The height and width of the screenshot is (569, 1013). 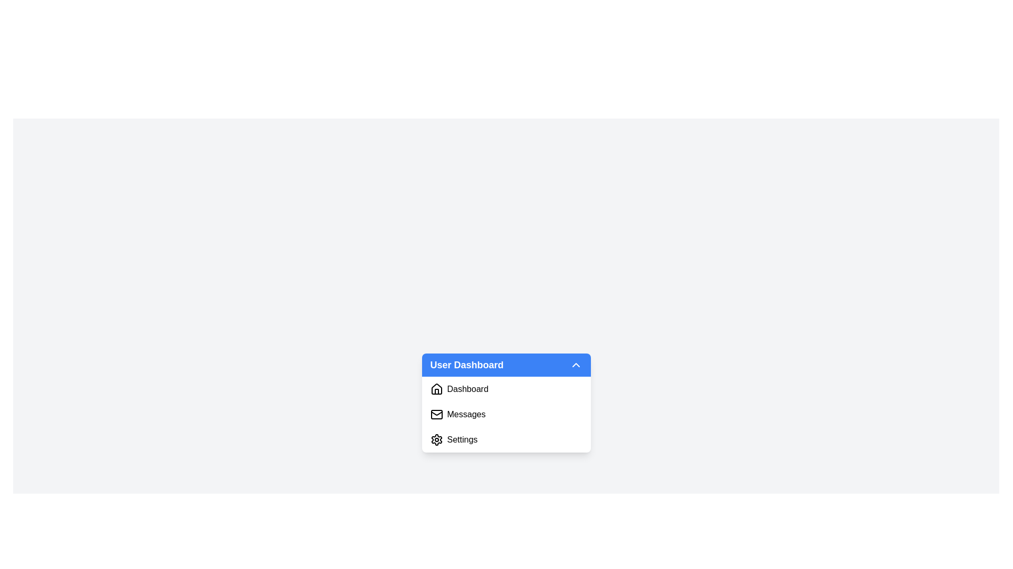 What do you see at coordinates (575, 365) in the screenshot?
I see `the small, upward-pointing chevron icon located on the blue header bar labeled 'User Dashboard'` at bounding box center [575, 365].